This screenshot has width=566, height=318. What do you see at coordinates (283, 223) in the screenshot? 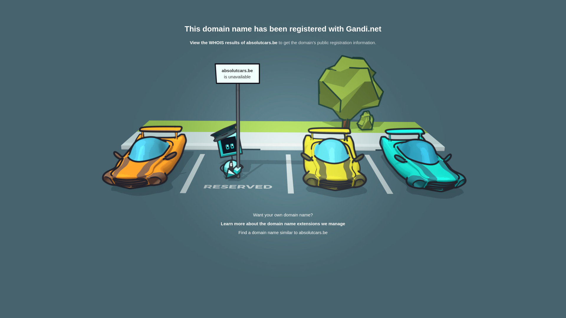
I see `'Learn more about the domain name extensions we manage'` at bounding box center [283, 223].